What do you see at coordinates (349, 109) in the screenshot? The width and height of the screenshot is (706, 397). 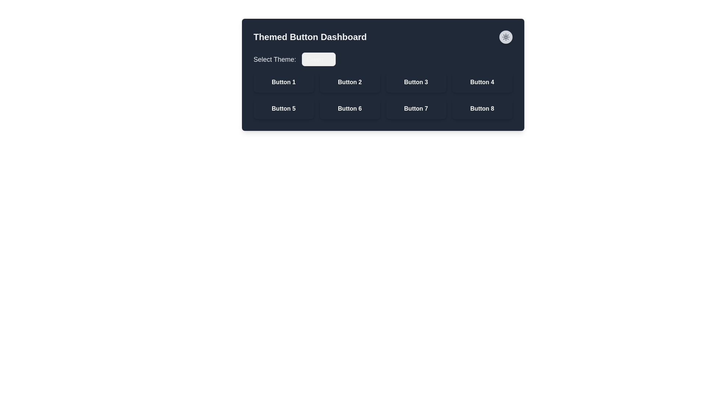 I see `the green rectangular button labeled 'Button 6'` at bounding box center [349, 109].